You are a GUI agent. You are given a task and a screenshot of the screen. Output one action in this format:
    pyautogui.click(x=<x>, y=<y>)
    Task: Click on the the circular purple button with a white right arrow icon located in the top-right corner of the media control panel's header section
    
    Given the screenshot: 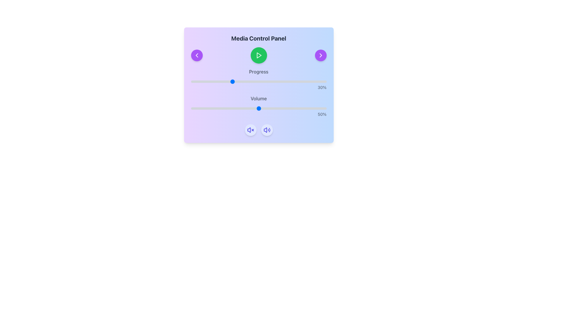 What is the action you would take?
    pyautogui.click(x=320, y=55)
    